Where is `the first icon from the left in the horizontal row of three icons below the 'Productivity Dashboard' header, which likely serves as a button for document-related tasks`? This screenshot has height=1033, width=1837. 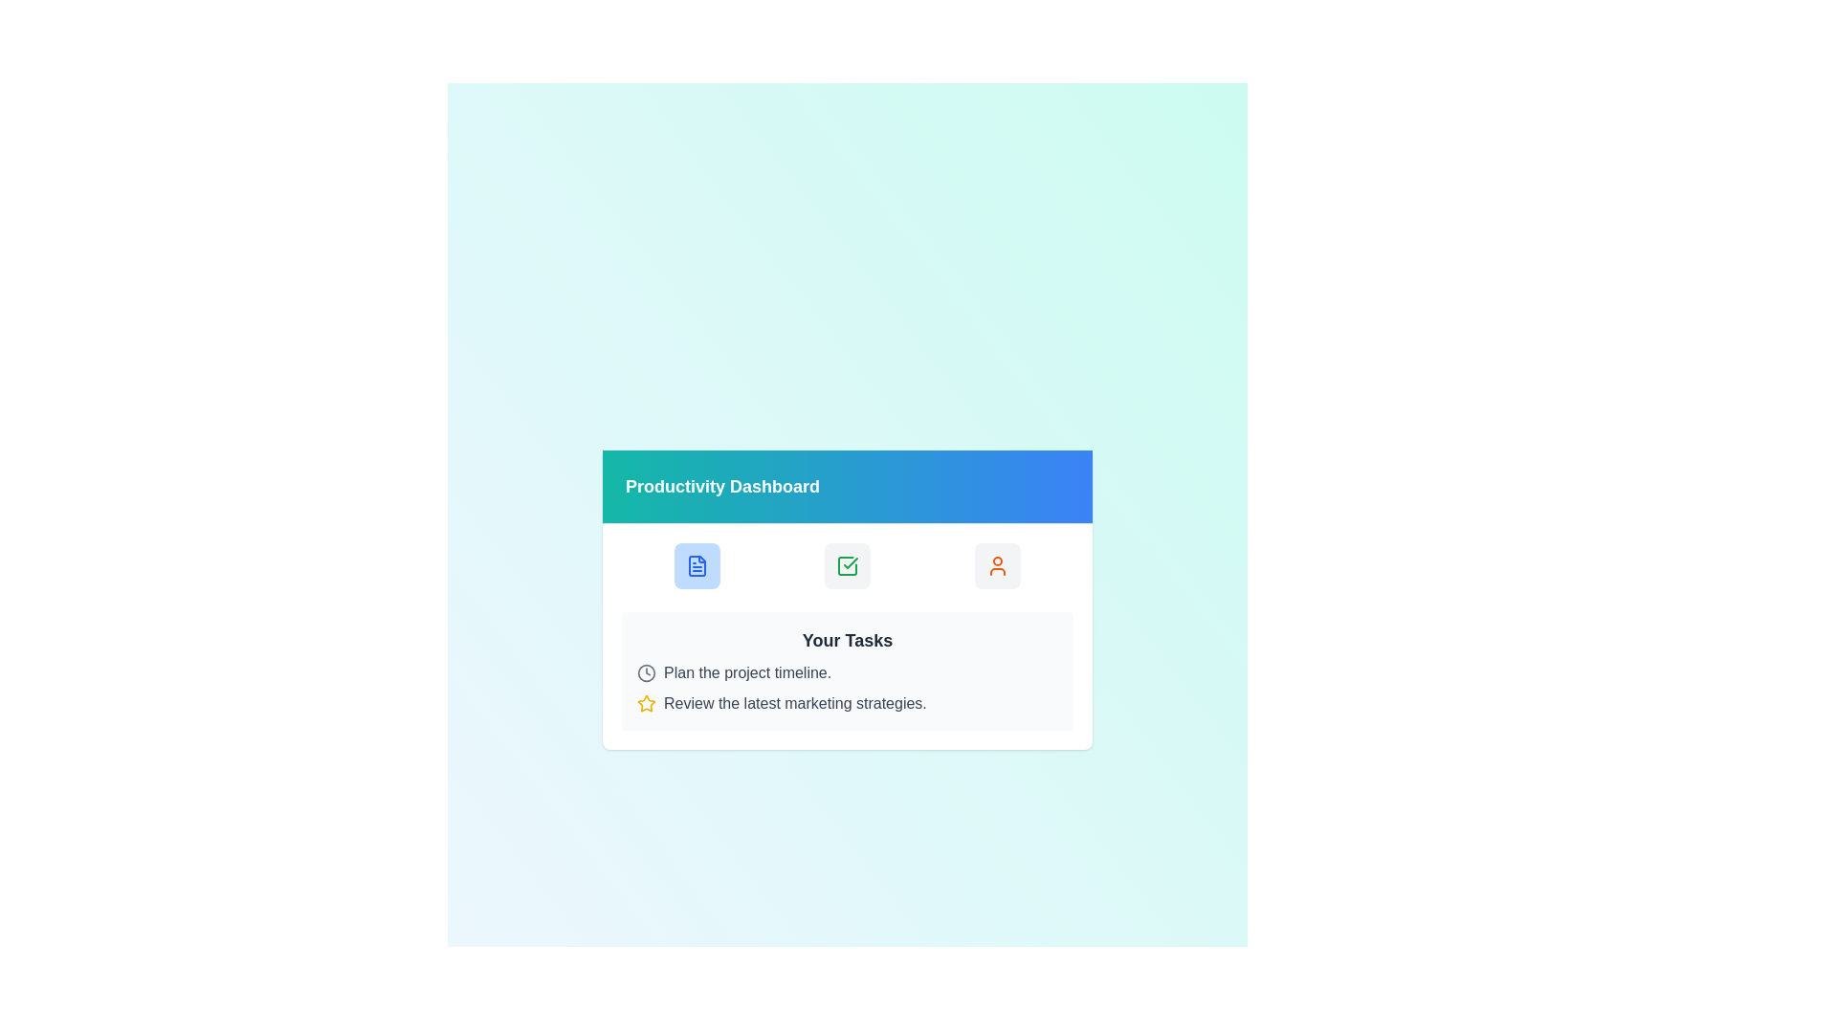 the first icon from the left in the horizontal row of three icons below the 'Productivity Dashboard' header, which likely serves as a button for document-related tasks is located at coordinates (696, 564).